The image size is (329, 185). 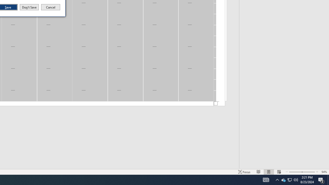 I want to click on 'Action Center, 2 new notifications', so click(x=321, y=179).